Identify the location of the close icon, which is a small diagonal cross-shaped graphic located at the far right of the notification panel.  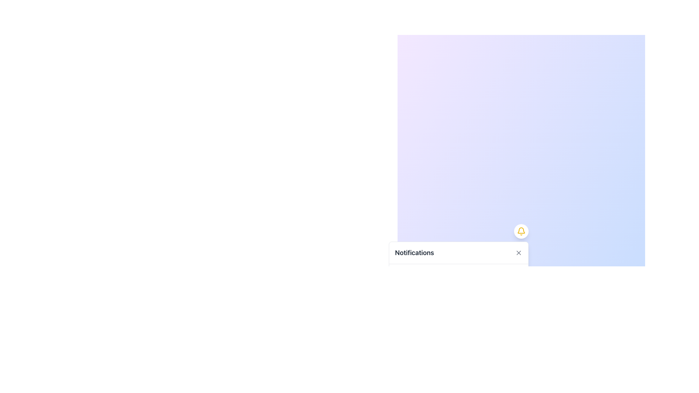
(518, 252).